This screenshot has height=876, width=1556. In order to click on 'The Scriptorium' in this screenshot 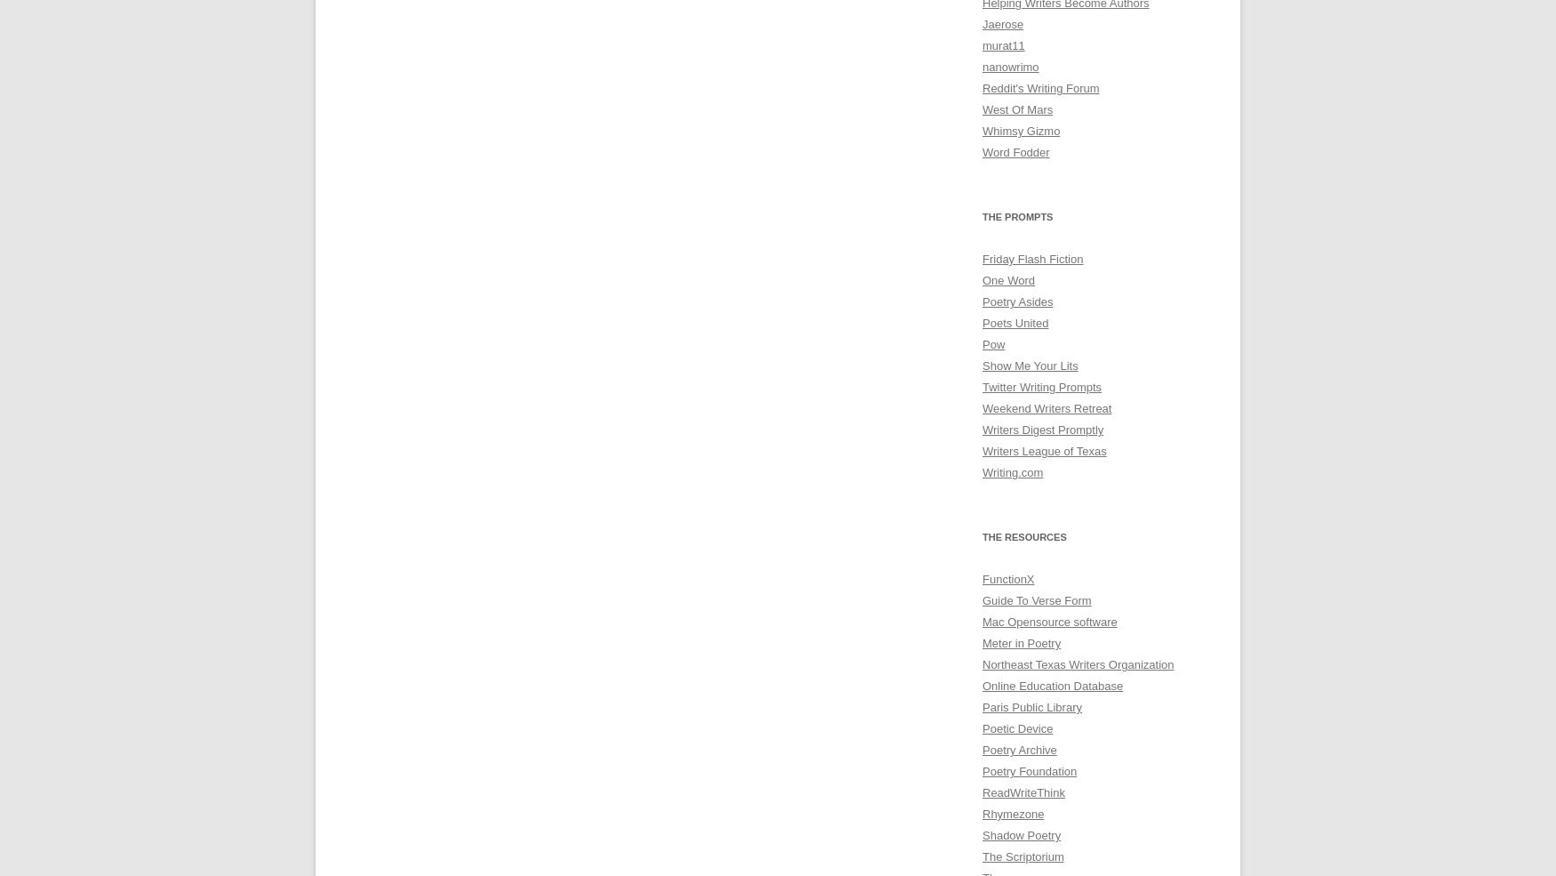, I will do `click(1022, 856)`.